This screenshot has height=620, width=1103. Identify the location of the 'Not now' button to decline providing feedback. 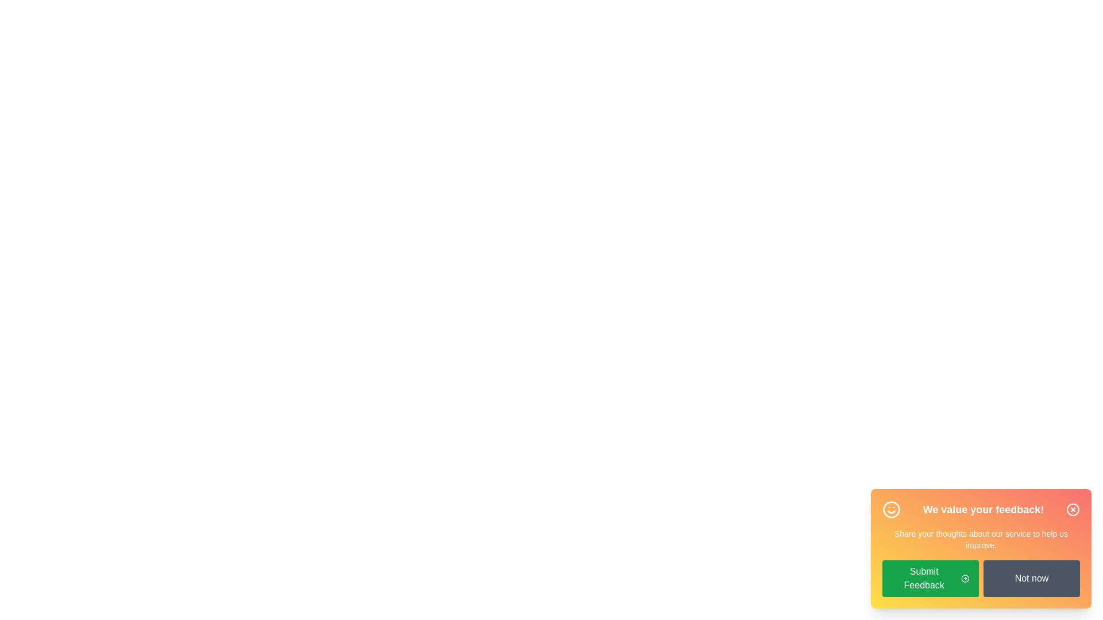
(1031, 578).